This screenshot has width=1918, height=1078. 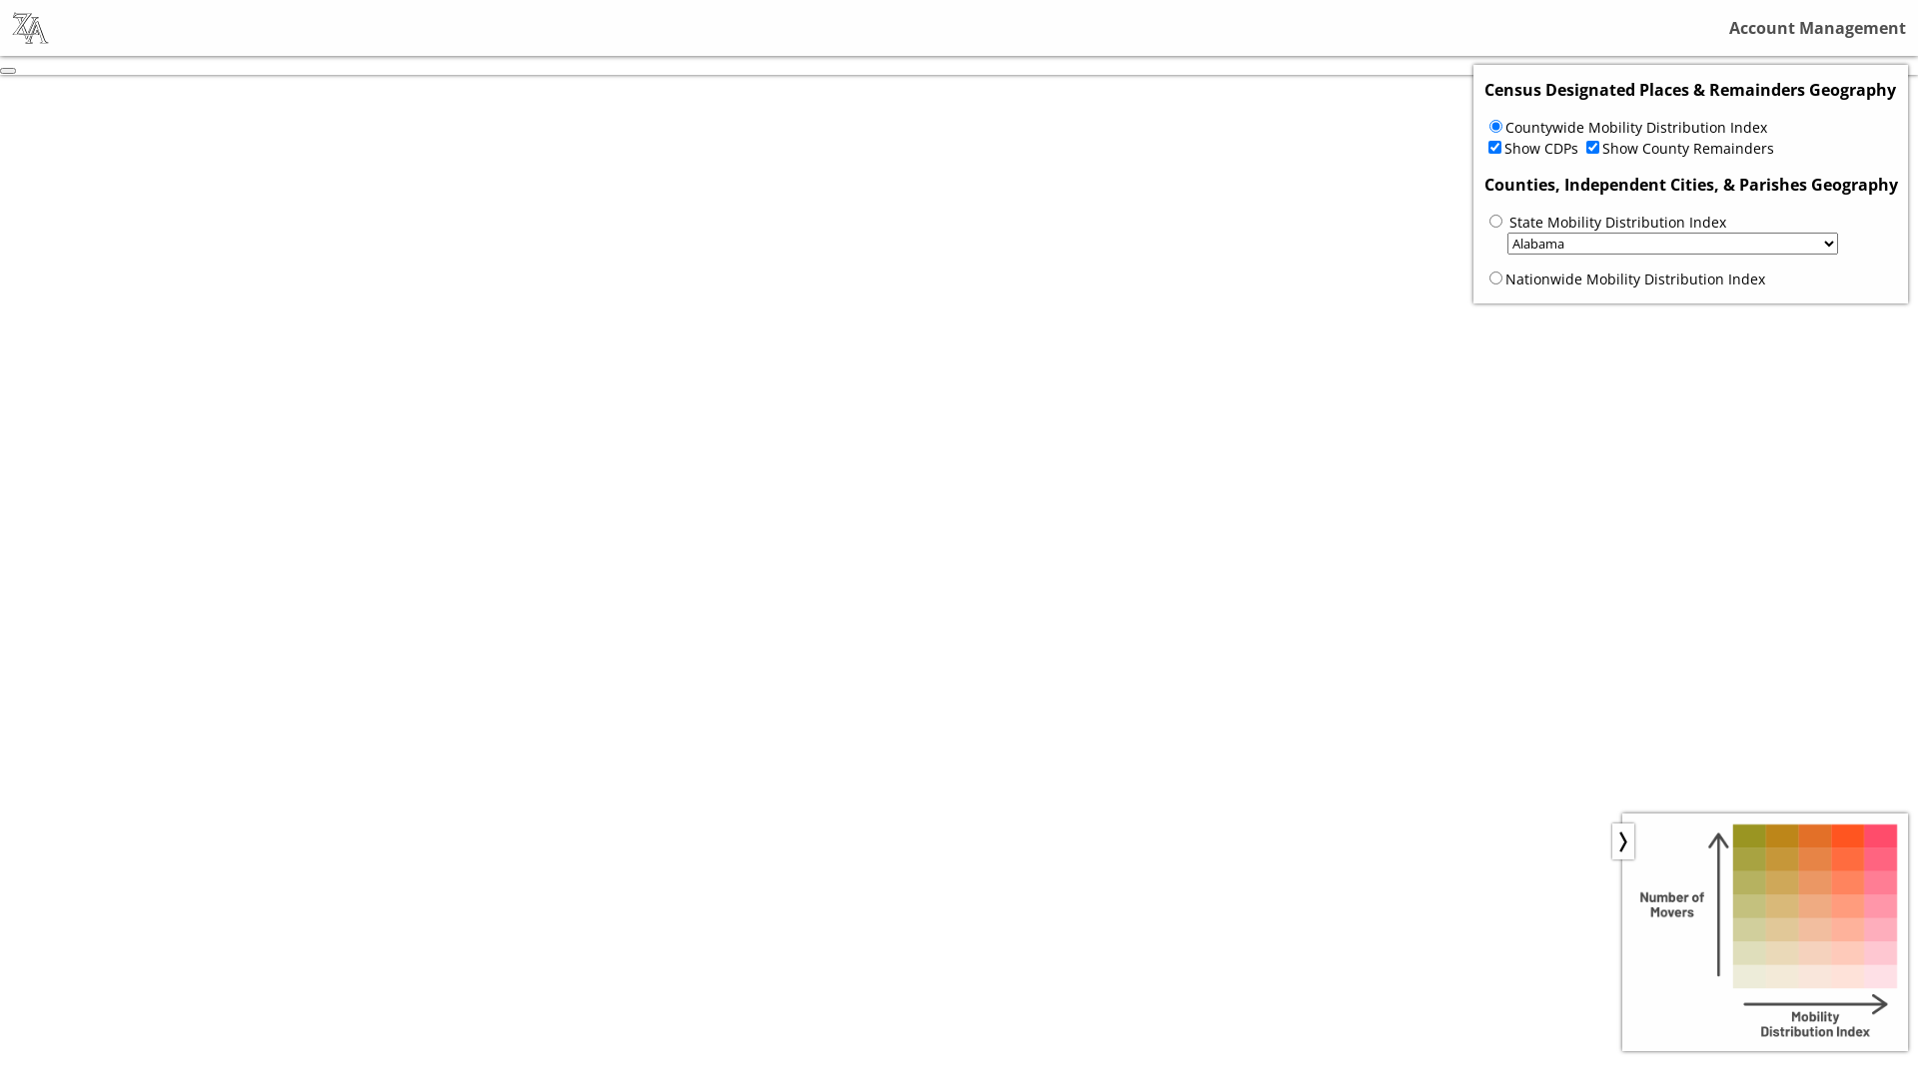 What do you see at coordinates (1817, 27) in the screenshot?
I see `'Account Management'` at bounding box center [1817, 27].